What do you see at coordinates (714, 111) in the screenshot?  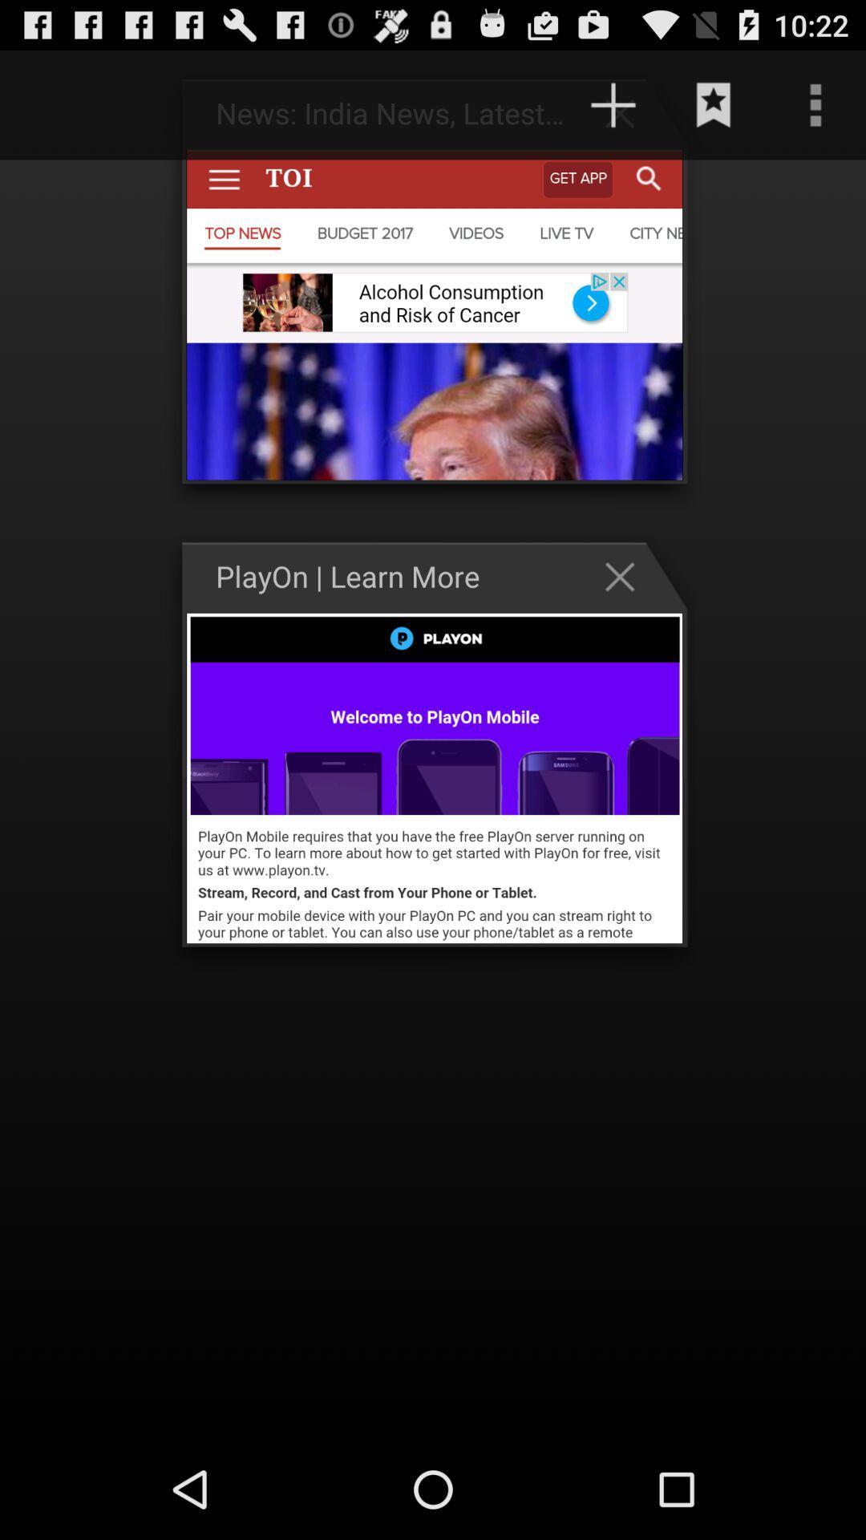 I see `the bookmark icon` at bounding box center [714, 111].